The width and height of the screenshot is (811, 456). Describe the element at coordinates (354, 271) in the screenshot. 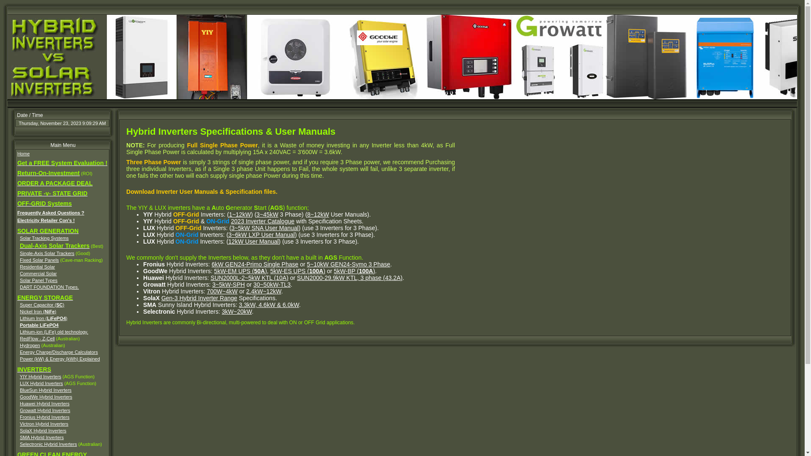

I see `'5kW-BP (100A)'` at that location.